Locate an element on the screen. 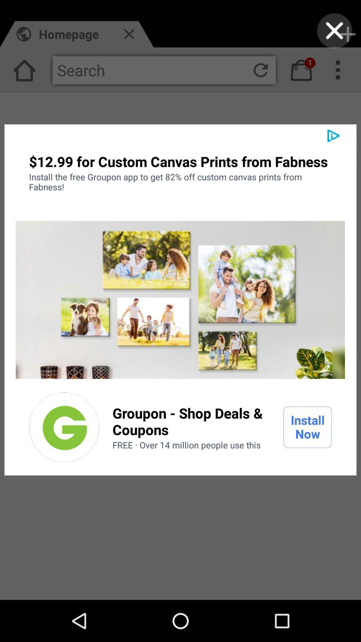 This screenshot has width=361, height=642. window is located at coordinates (335, 30).